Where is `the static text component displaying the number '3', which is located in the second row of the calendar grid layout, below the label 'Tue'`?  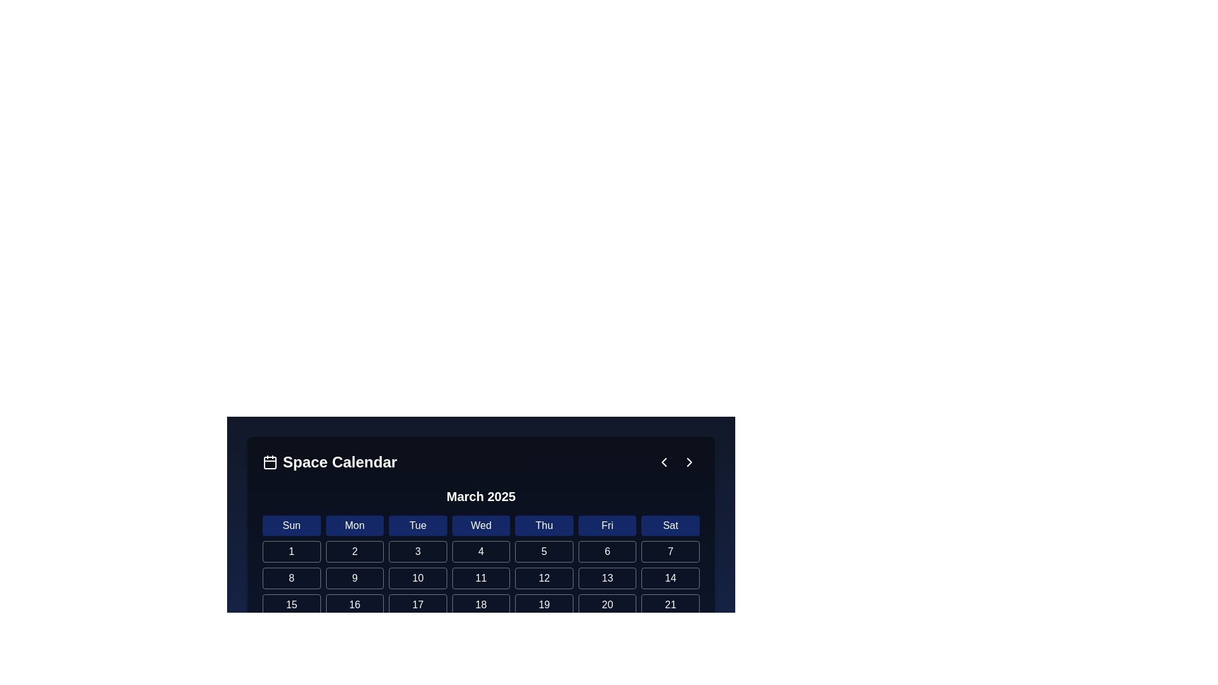
the static text component displaying the number '3', which is located in the second row of the calendar grid layout, below the label 'Tue' is located at coordinates (417, 551).